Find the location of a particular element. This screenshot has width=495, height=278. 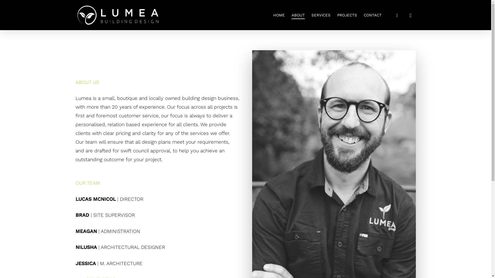

'ABOUT' is located at coordinates (298, 14).